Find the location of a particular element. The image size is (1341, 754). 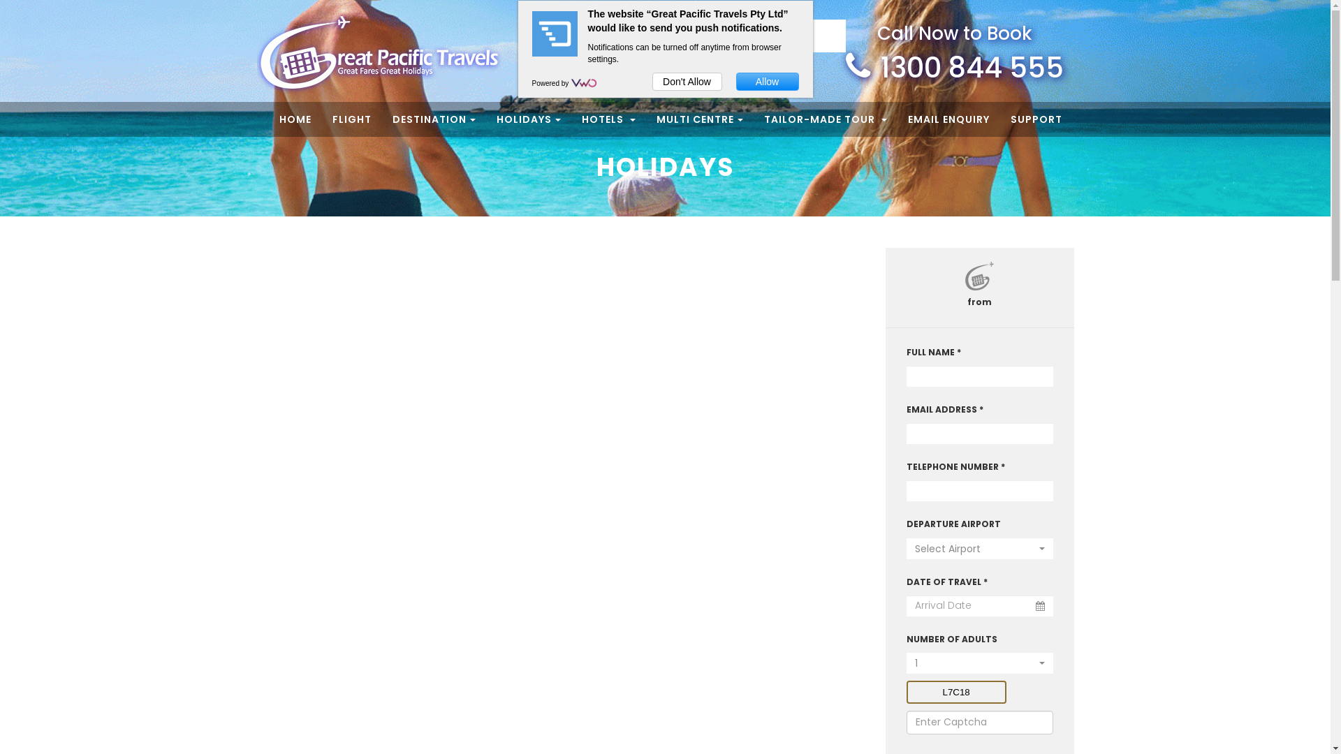

'HOLIDAYS' is located at coordinates (527, 118).